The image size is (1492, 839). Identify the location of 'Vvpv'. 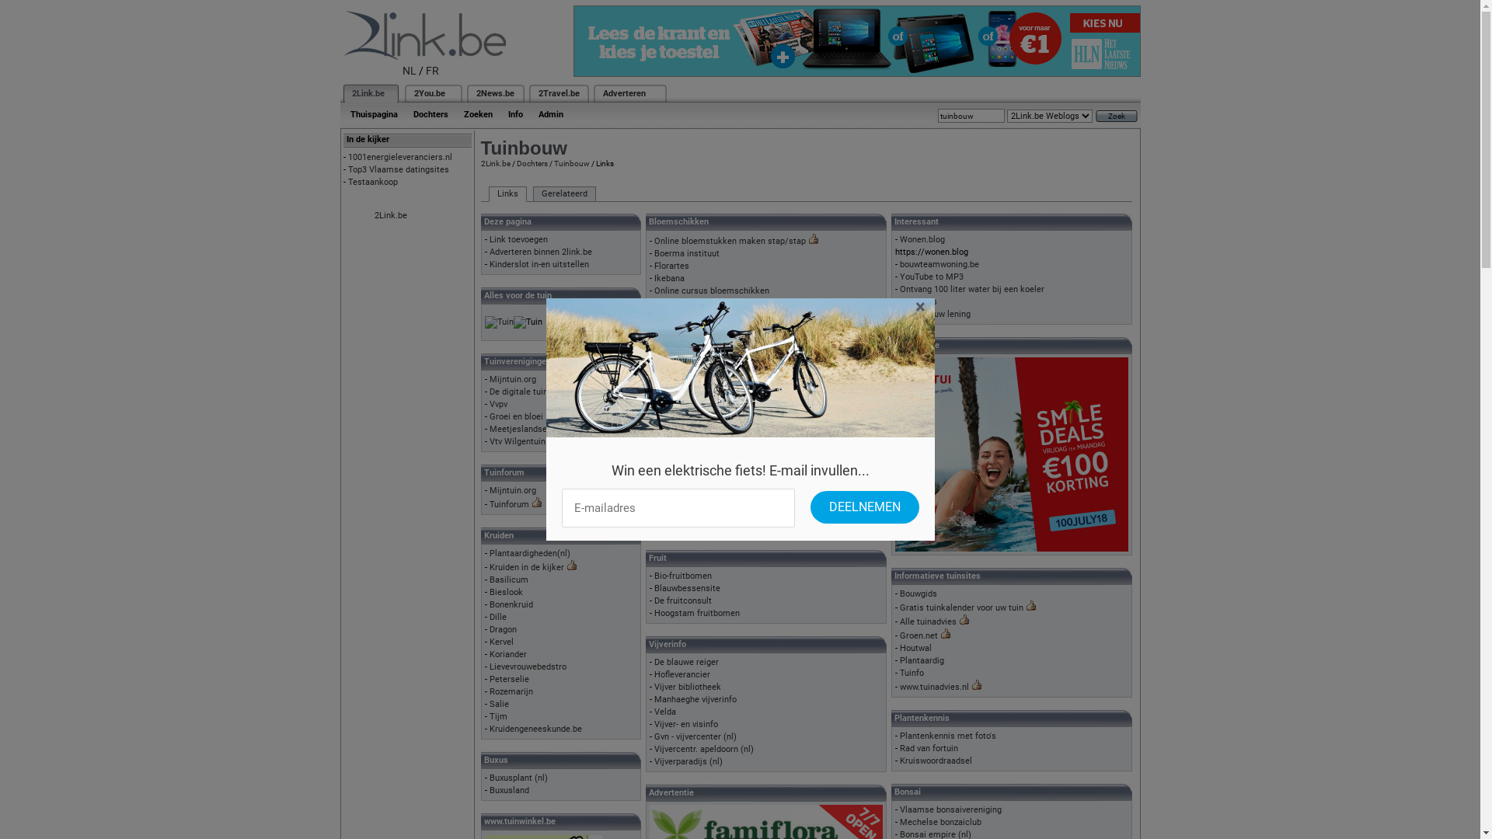
(498, 403).